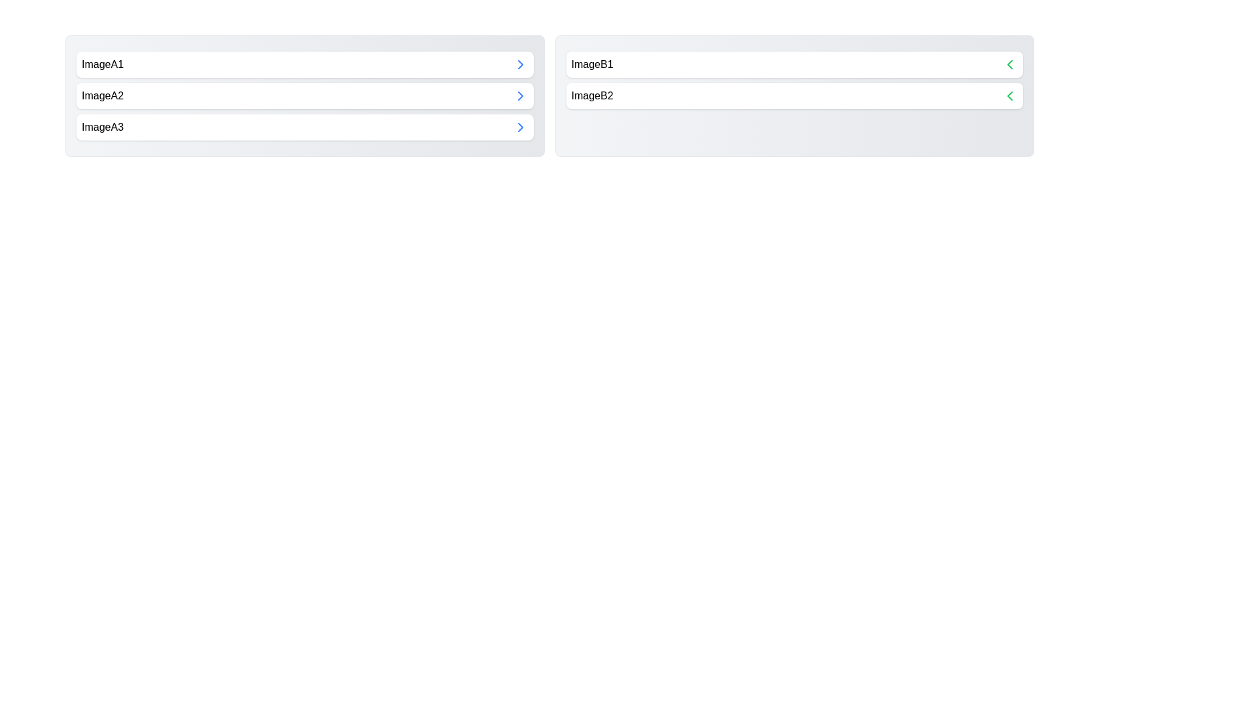  Describe the element at coordinates (1009, 95) in the screenshot. I see `arrow button next to ImageB2 to move it to the opposite category` at that location.